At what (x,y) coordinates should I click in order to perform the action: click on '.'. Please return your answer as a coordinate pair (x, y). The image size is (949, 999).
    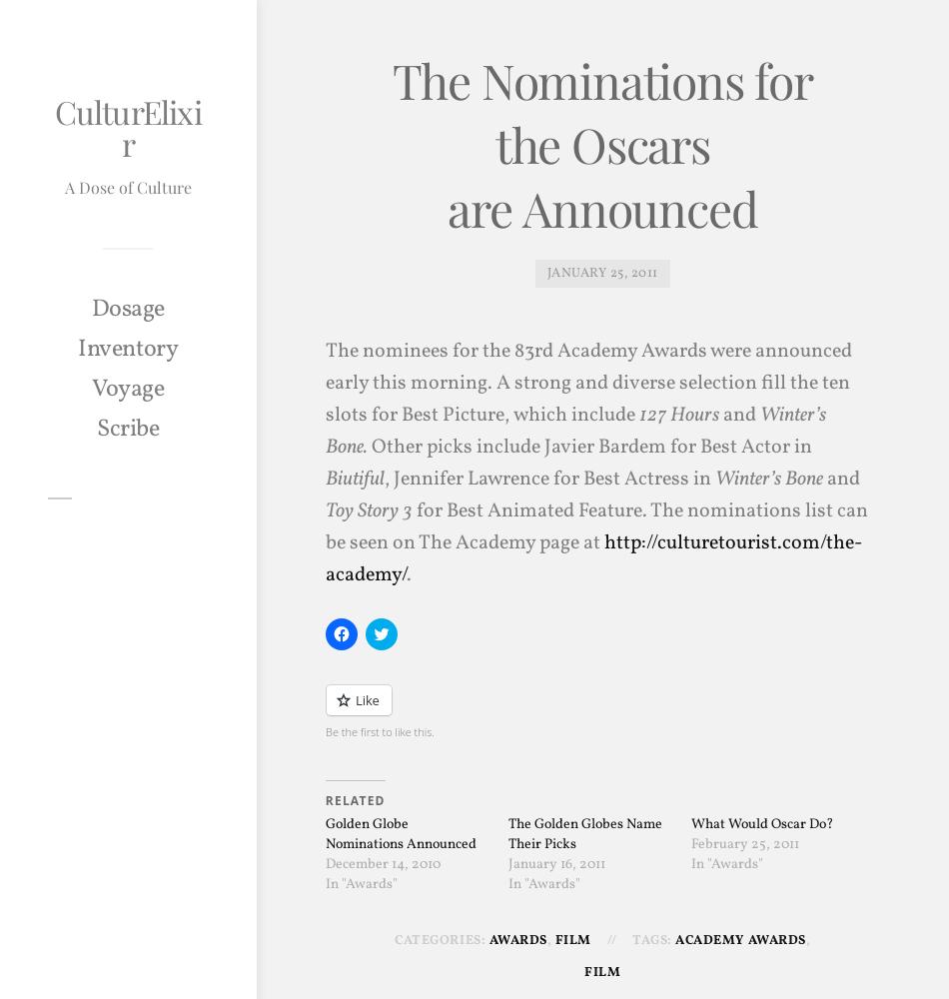
    Looking at the image, I should click on (407, 573).